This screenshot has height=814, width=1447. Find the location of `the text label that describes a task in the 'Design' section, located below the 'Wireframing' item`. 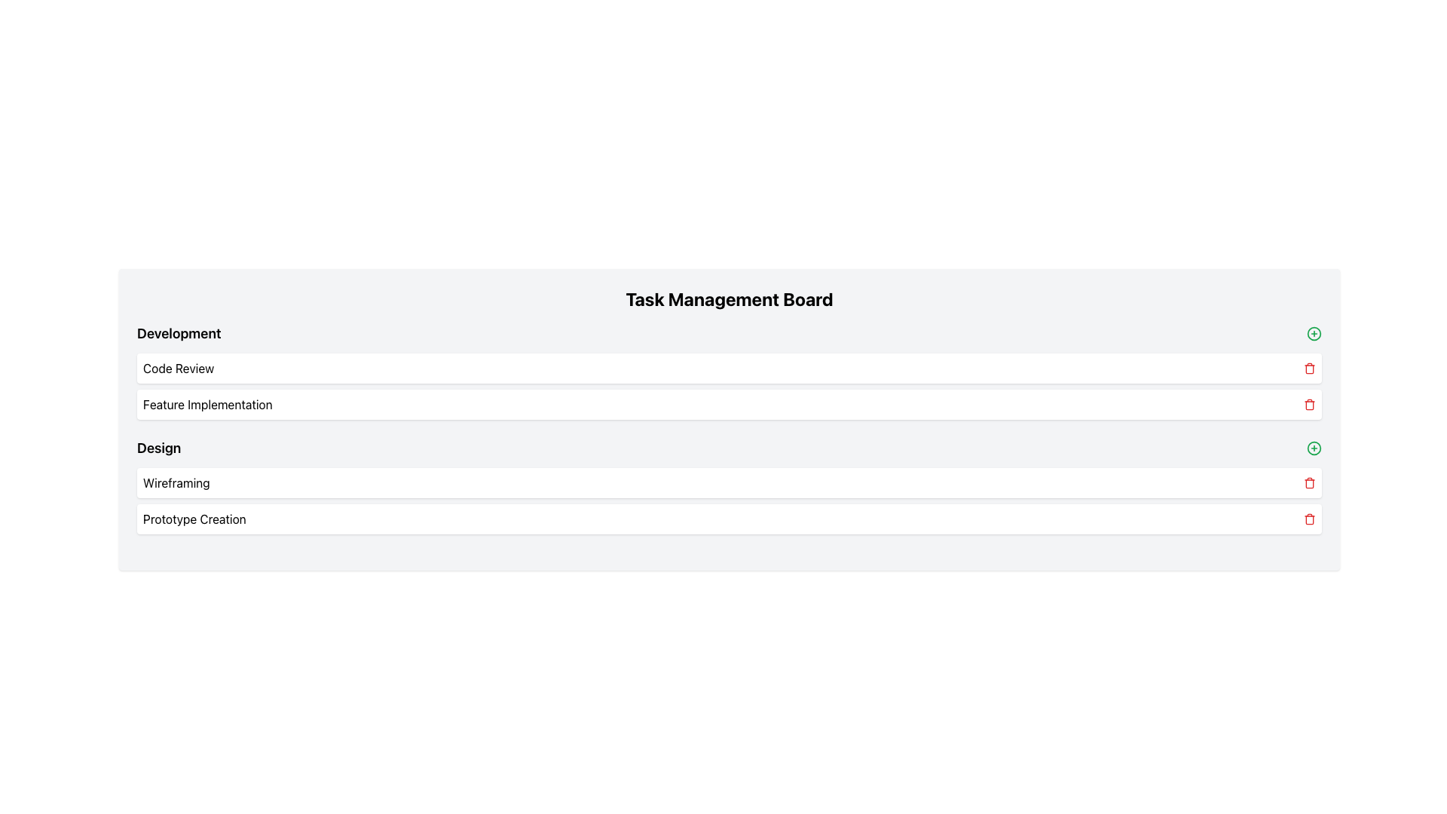

the text label that describes a task in the 'Design' section, located below the 'Wireframing' item is located at coordinates (194, 519).